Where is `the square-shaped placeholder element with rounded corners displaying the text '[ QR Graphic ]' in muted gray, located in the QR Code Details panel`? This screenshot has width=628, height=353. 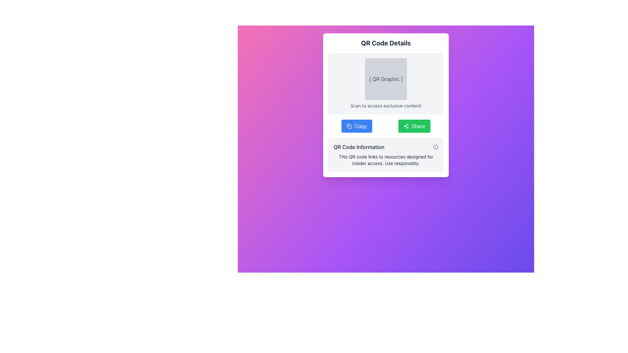
the square-shaped placeholder element with rounded corners displaying the text '[ QR Graphic ]' in muted gray, located in the QR Code Details panel is located at coordinates (386, 79).